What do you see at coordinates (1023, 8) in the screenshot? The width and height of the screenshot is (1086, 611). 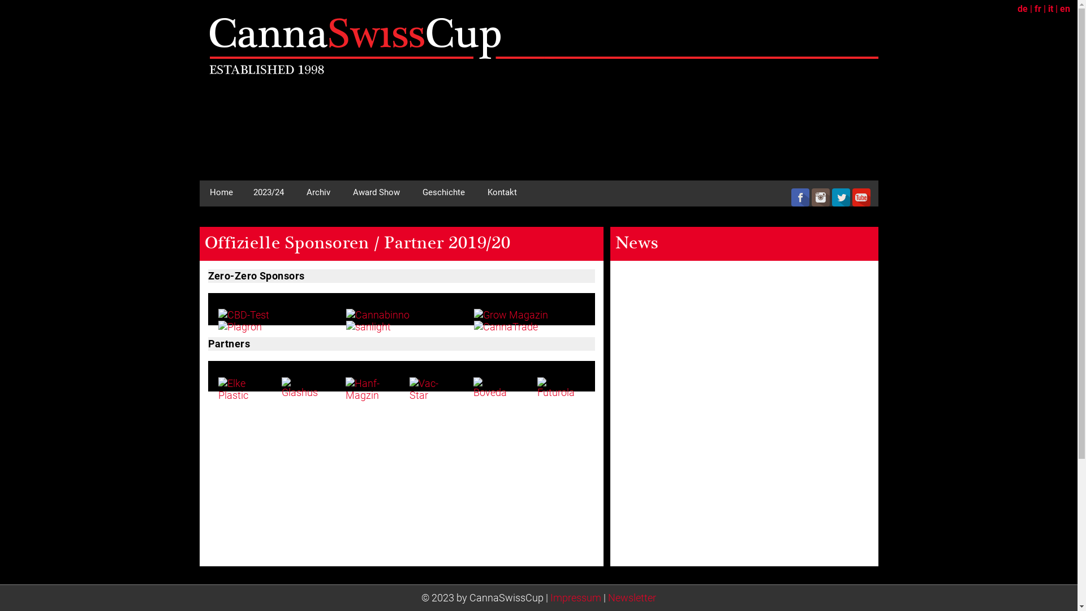 I see `'de'` at bounding box center [1023, 8].